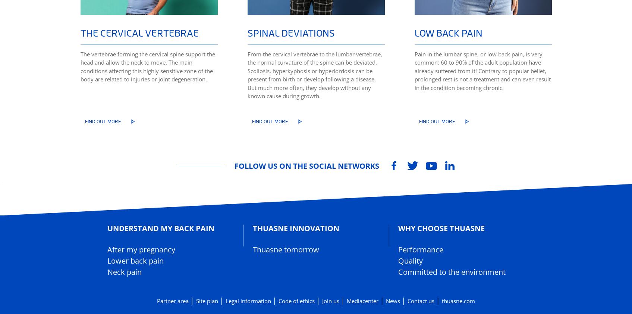 This screenshot has width=632, height=314. I want to click on 'Contact us', so click(421, 301).